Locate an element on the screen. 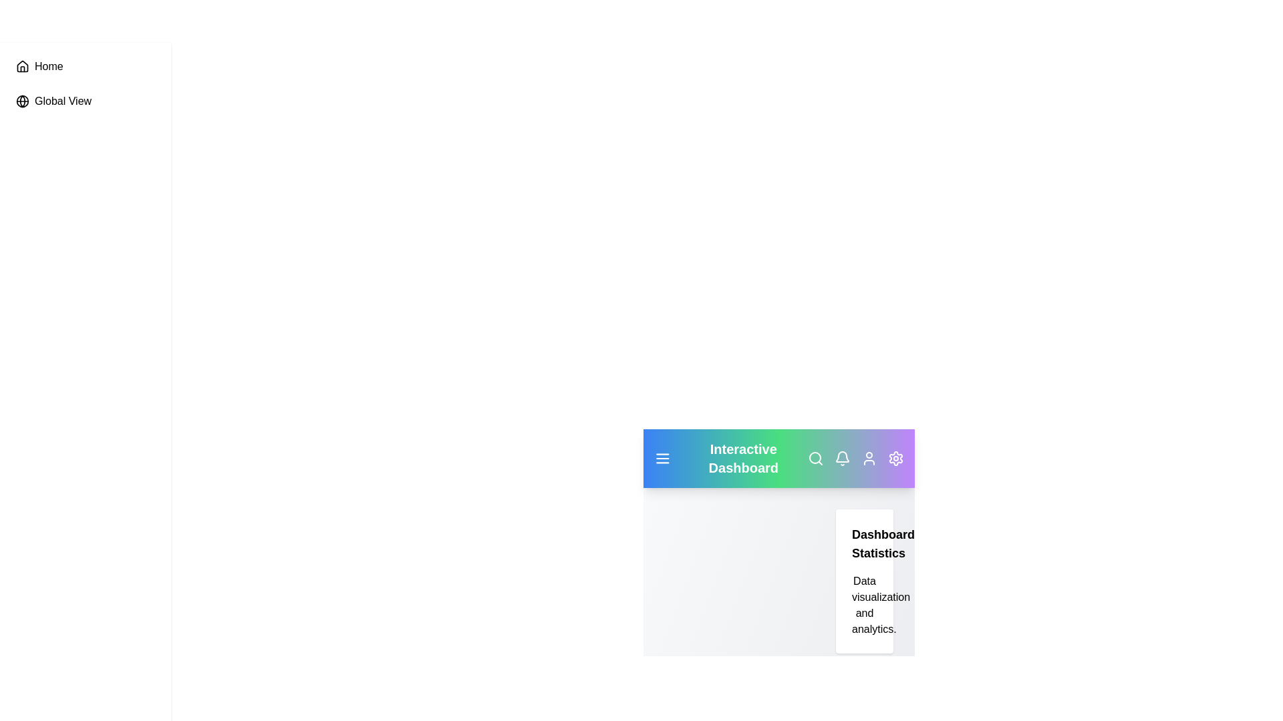 The width and height of the screenshot is (1283, 721). the bell icon to view notifications is located at coordinates (842, 457).